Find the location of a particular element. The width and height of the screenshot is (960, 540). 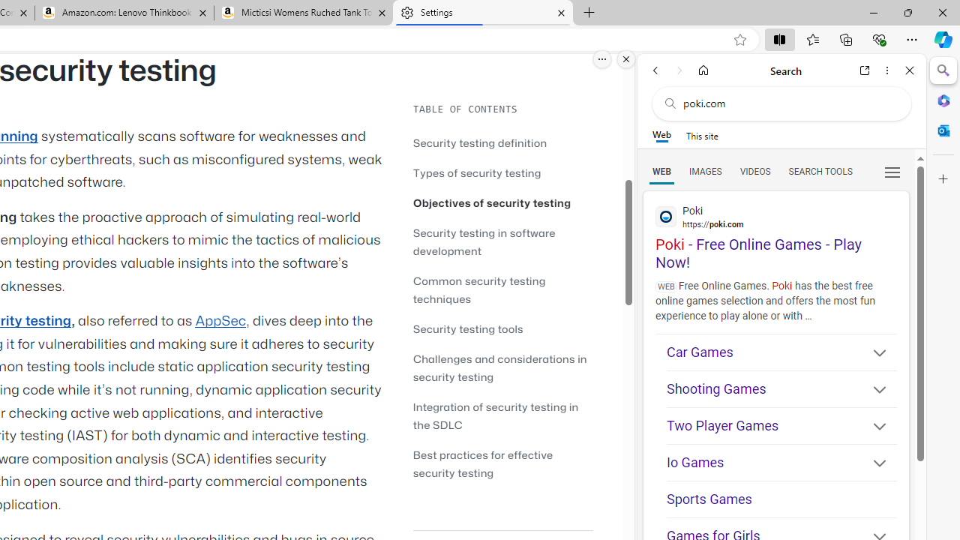

'Best practices for effective security testing' is located at coordinates (502, 463).